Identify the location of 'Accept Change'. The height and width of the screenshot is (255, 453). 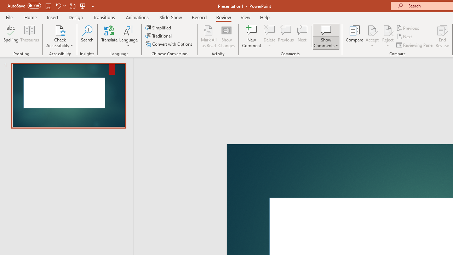
(372, 30).